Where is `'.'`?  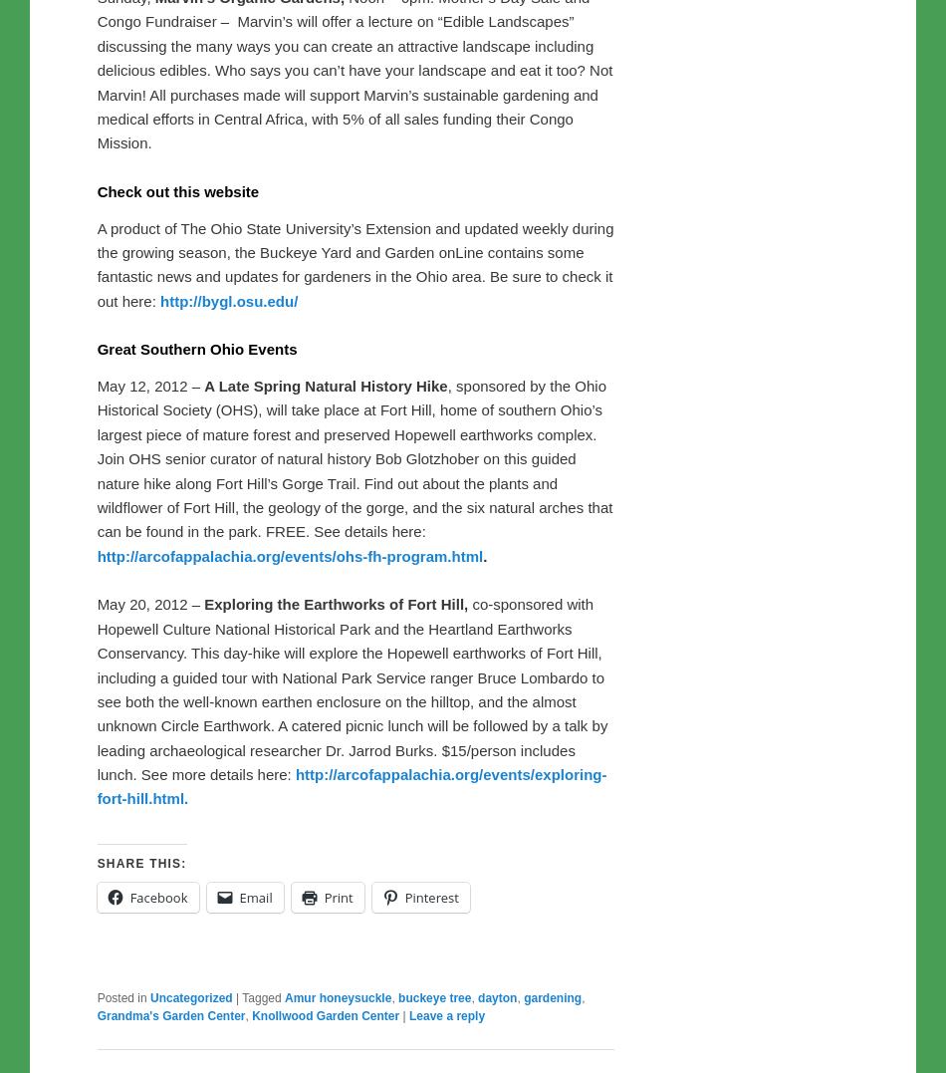
'.' is located at coordinates (484, 555).